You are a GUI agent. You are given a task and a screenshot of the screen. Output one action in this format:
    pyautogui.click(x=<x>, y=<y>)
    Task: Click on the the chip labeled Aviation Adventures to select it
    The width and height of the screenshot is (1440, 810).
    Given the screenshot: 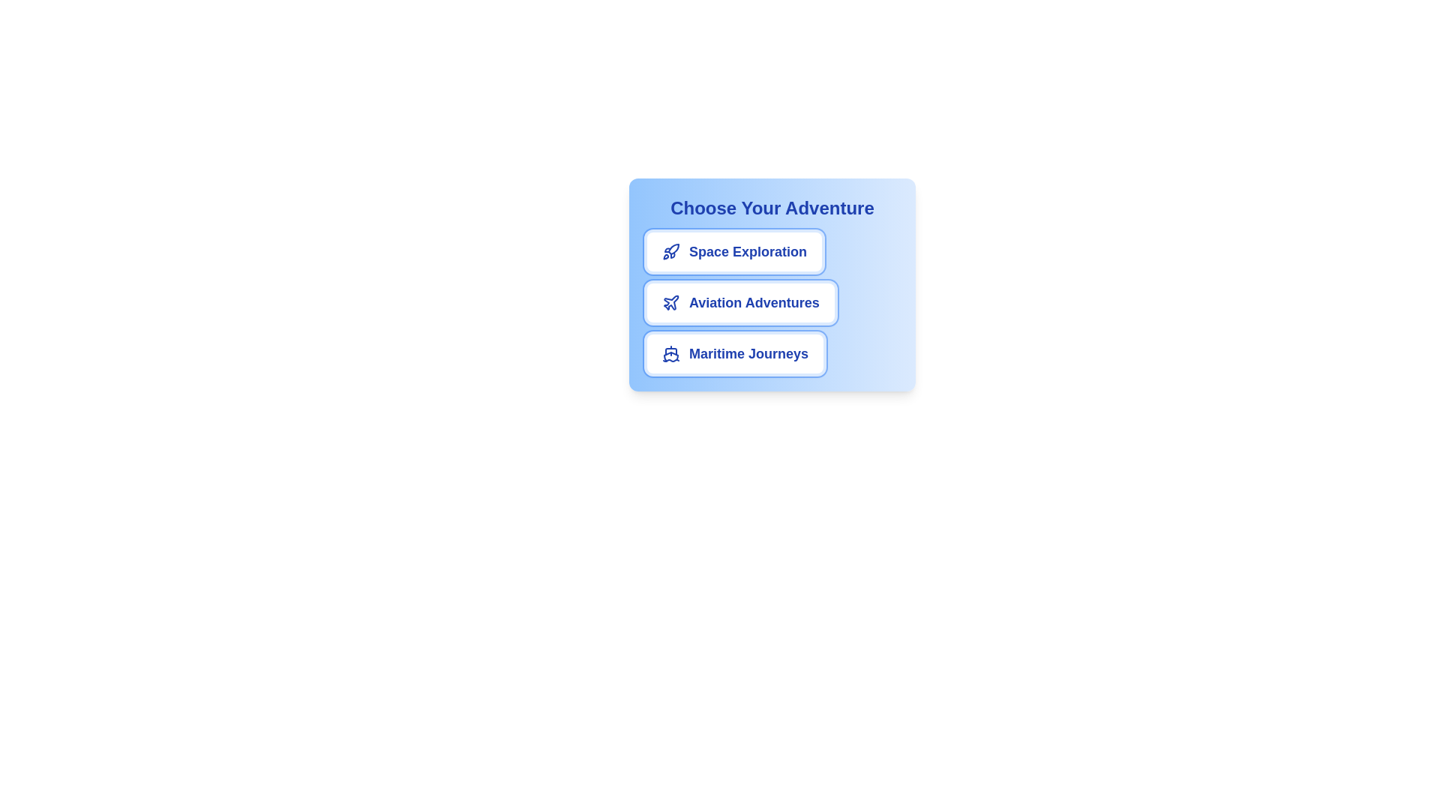 What is the action you would take?
    pyautogui.click(x=740, y=303)
    